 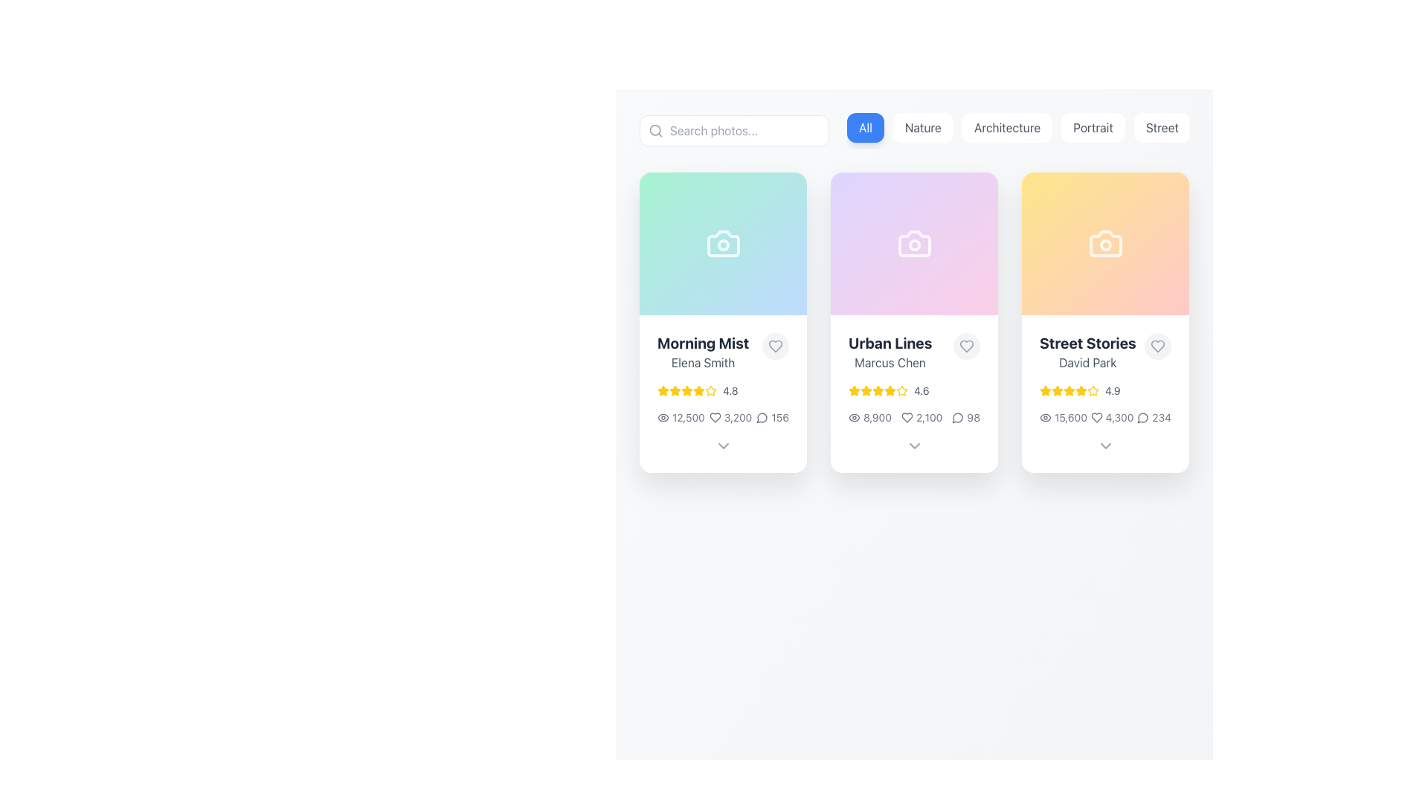 What do you see at coordinates (913, 242) in the screenshot?
I see `the stylized camera icon located centrally within the second card labeled 'Urban Lines' in the main interface` at bounding box center [913, 242].